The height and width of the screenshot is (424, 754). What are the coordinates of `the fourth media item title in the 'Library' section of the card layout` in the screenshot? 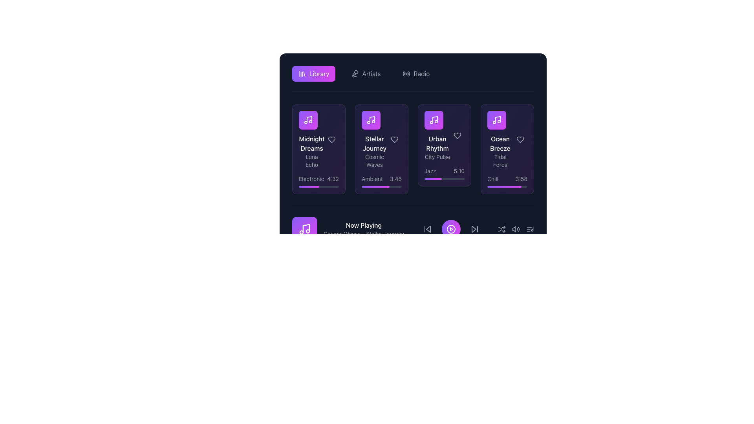 It's located at (500, 139).